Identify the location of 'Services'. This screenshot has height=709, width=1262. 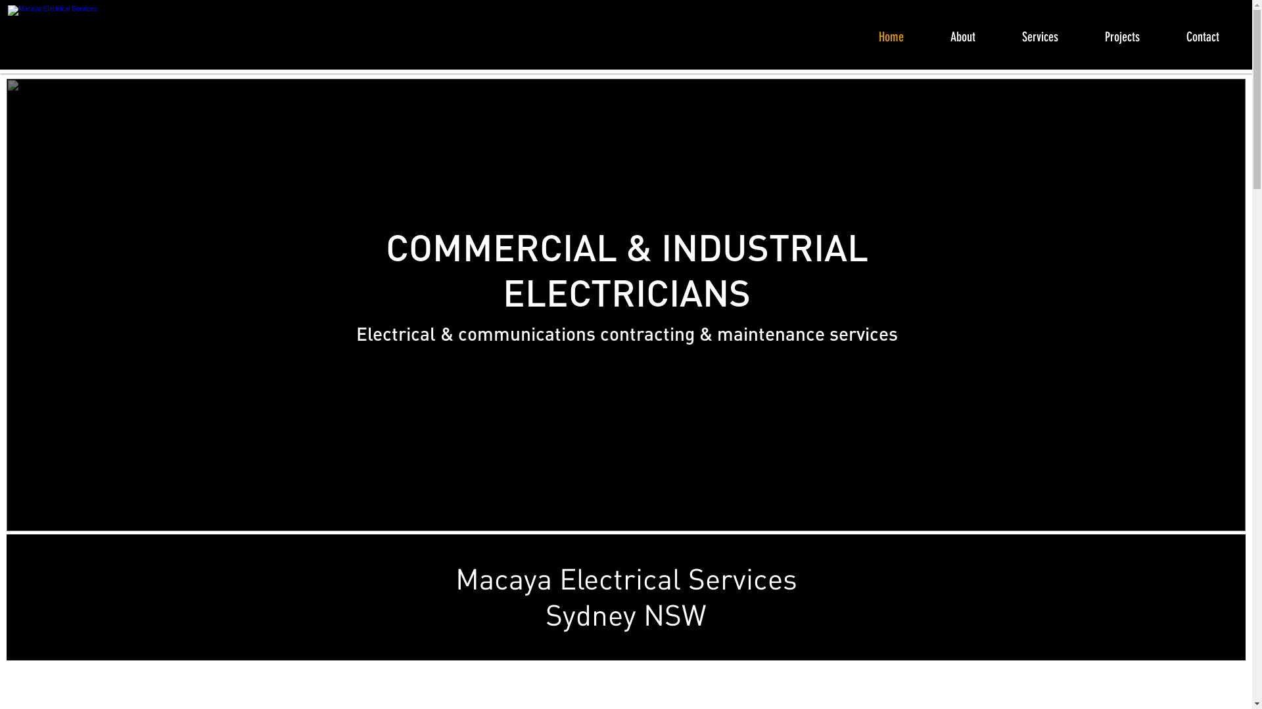
(1008, 34).